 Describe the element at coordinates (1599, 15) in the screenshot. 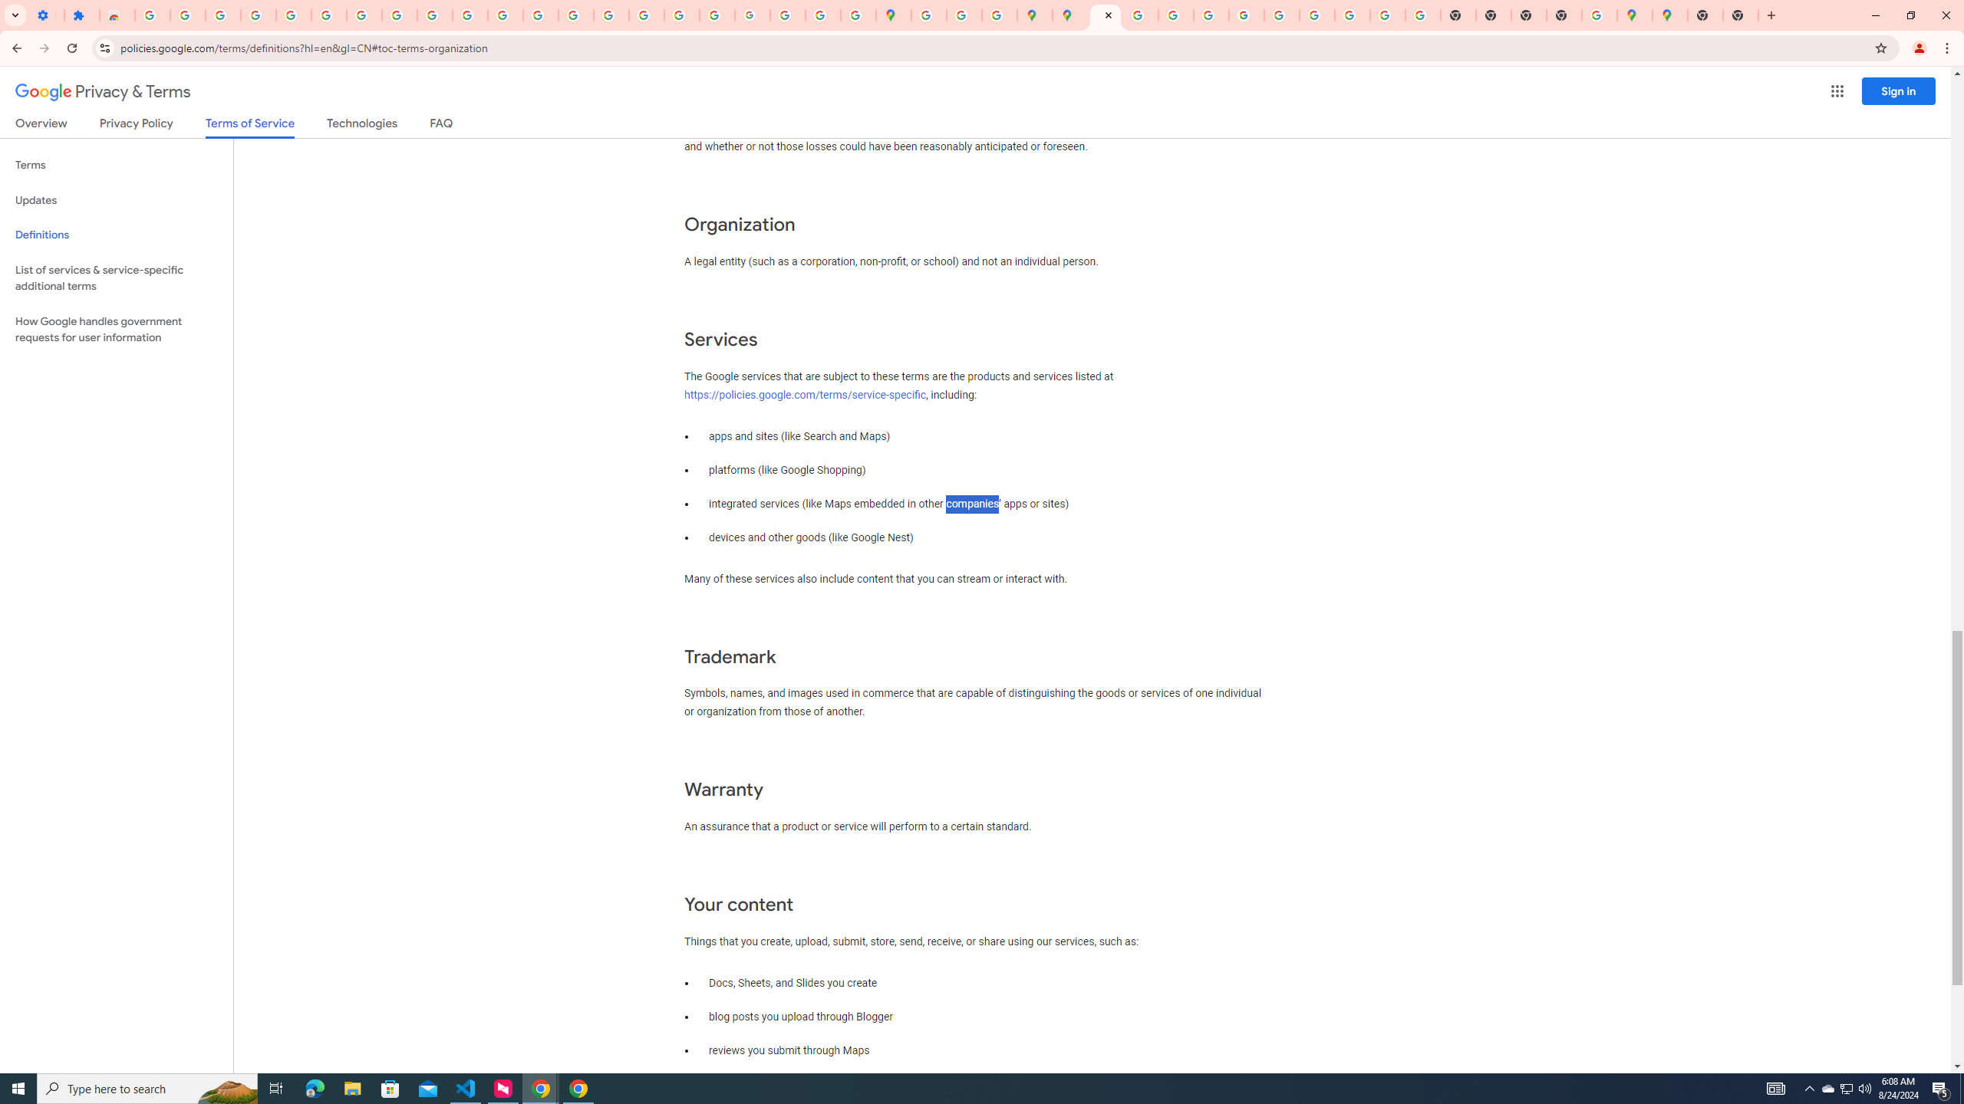

I see `'Use Google Maps in Space - Google Maps Help'` at that location.